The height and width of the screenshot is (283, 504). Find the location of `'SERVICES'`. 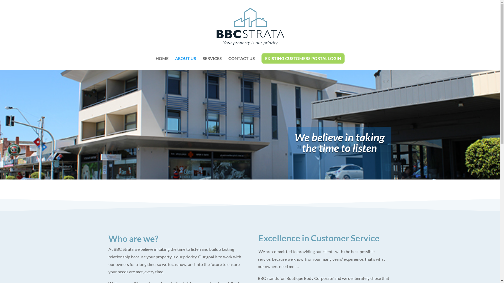

'SERVICES' is located at coordinates (212, 63).